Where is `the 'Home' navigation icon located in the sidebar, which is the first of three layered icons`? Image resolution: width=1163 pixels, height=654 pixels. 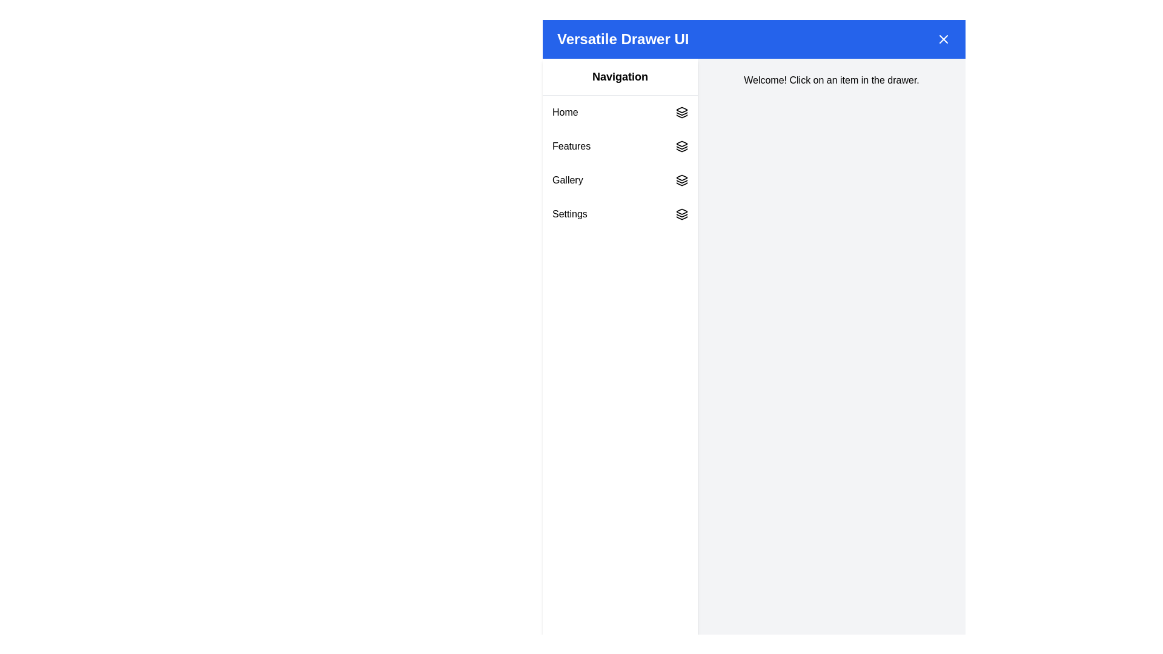 the 'Home' navigation icon located in the sidebar, which is the first of three layered icons is located at coordinates (682, 110).